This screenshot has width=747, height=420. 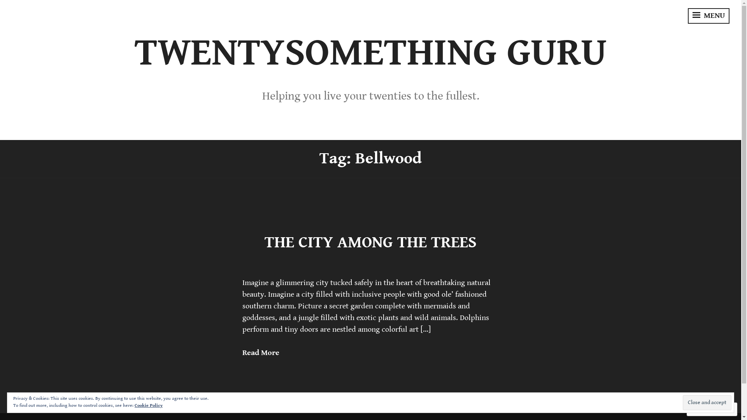 What do you see at coordinates (682, 402) in the screenshot?
I see `'Close and accept'` at bounding box center [682, 402].